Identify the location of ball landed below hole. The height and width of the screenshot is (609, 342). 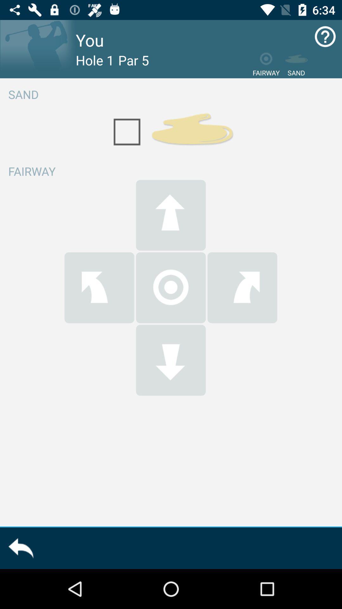
(170, 360).